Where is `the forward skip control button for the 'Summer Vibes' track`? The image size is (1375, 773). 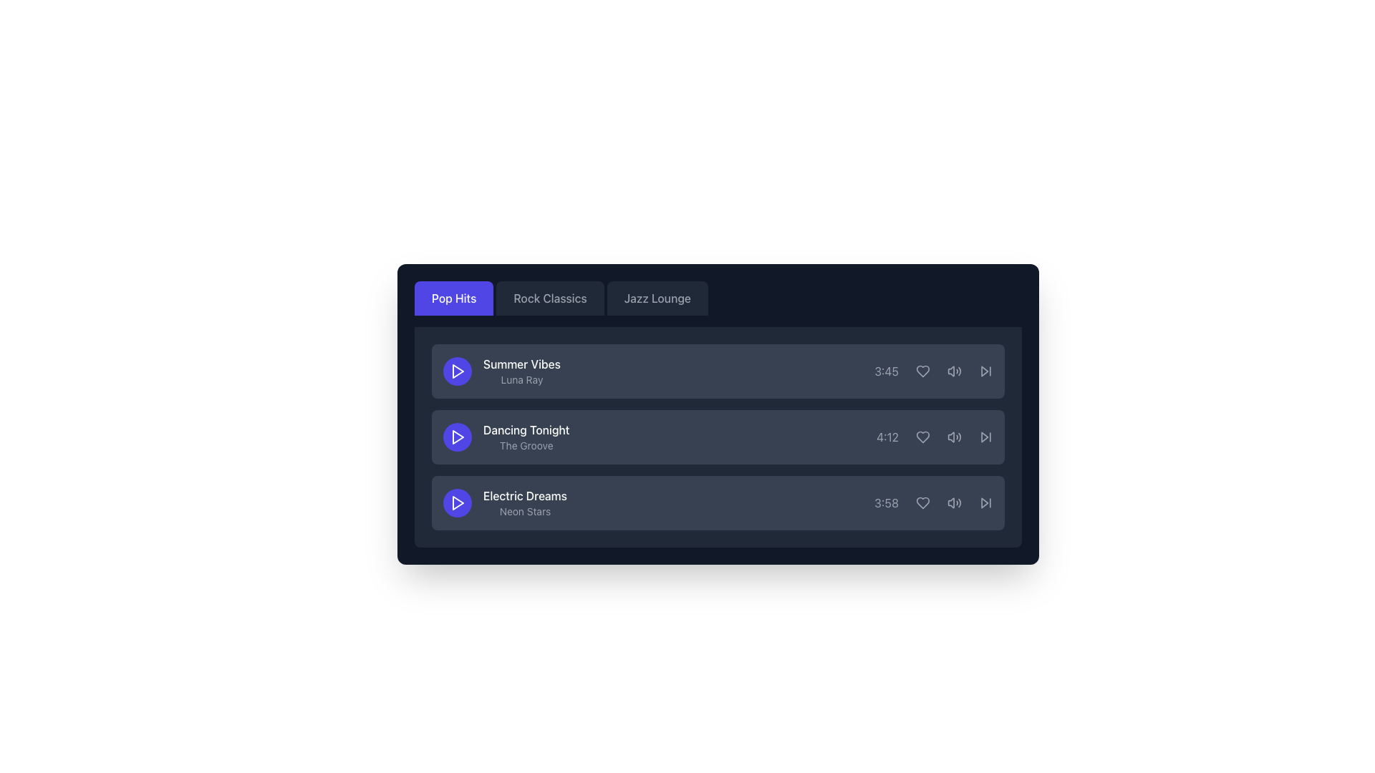 the forward skip control button for the 'Summer Vibes' track is located at coordinates (985, 371).